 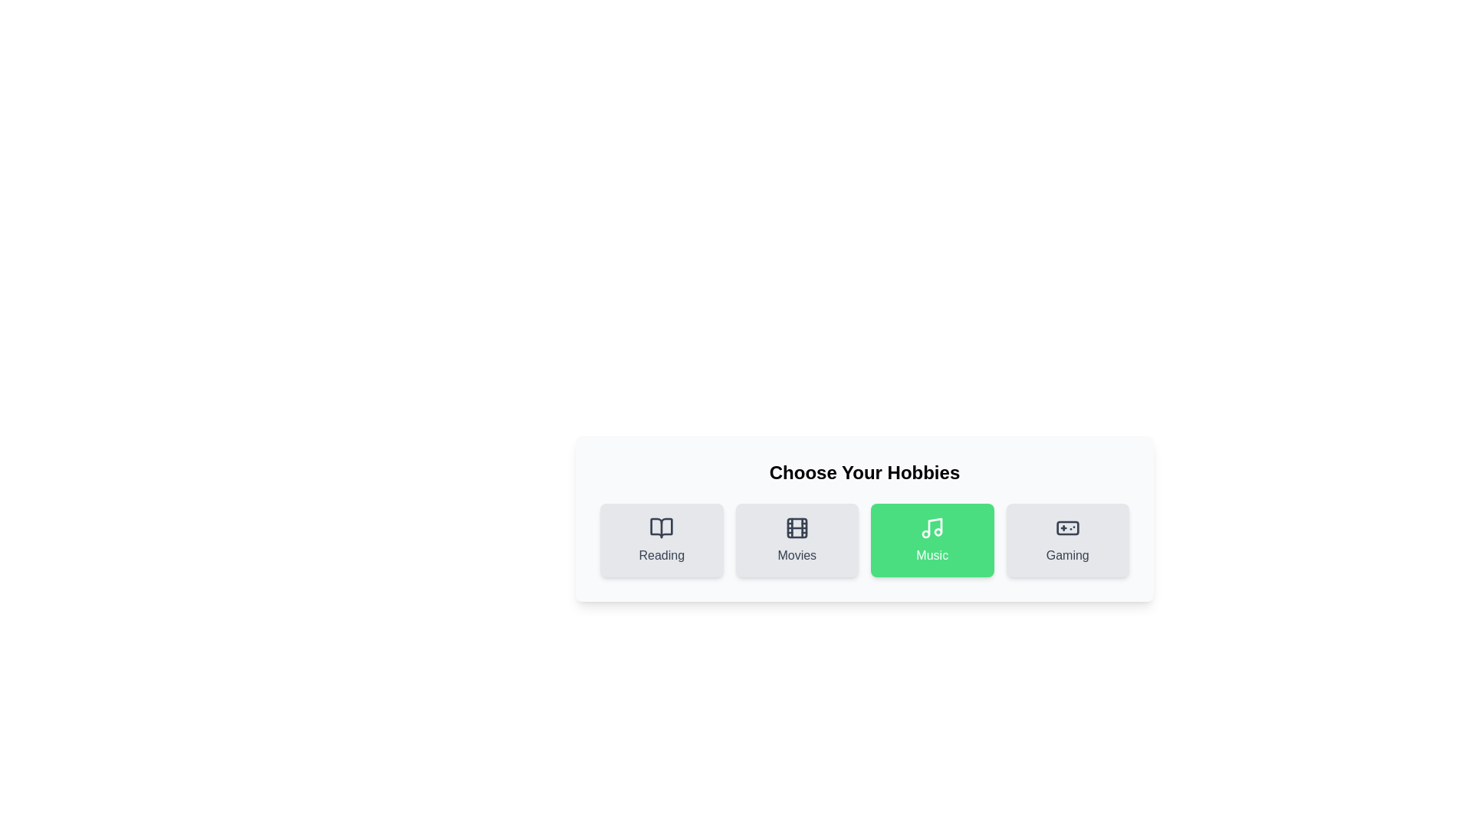 I want to click on the hobby Movies, so click(x=797, y=540).